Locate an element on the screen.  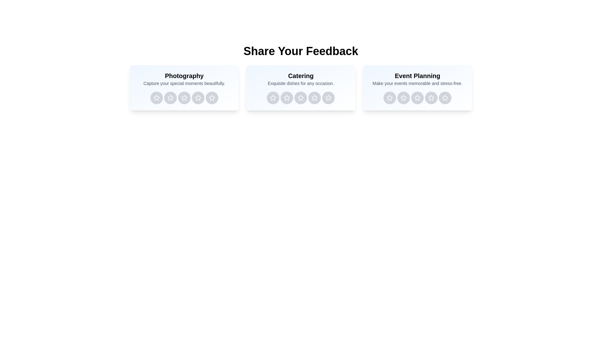
the rating button for Catering service with 2 stars is located at coordinates (287, 98).